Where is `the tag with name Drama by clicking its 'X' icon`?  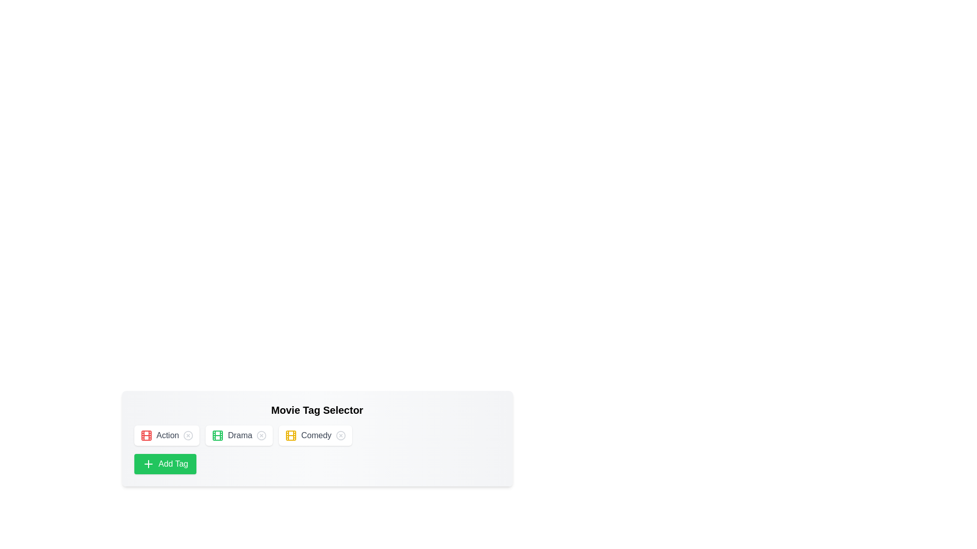 the tag with name Drama by clicking its 'X' icon is located at coordinates (261, 435).